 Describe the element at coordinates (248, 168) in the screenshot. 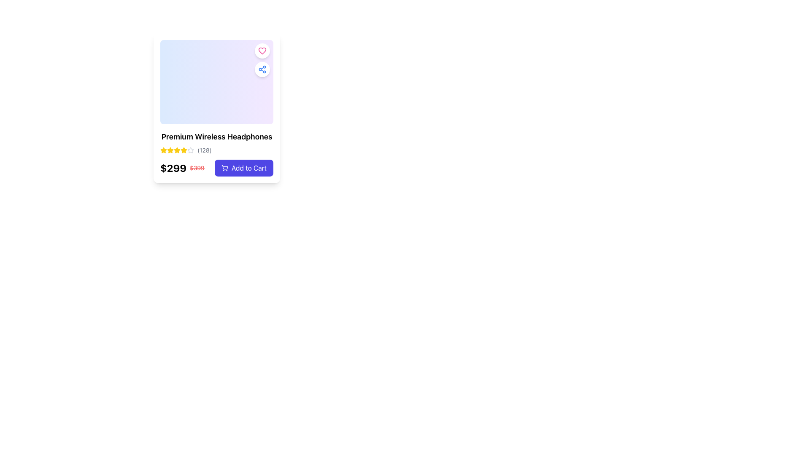

I see `accessibility properties of the 'Add to Cart' text label, which is displayed in white font on a blue rectangular button located at the bottom-right corner of the product card` at that location.